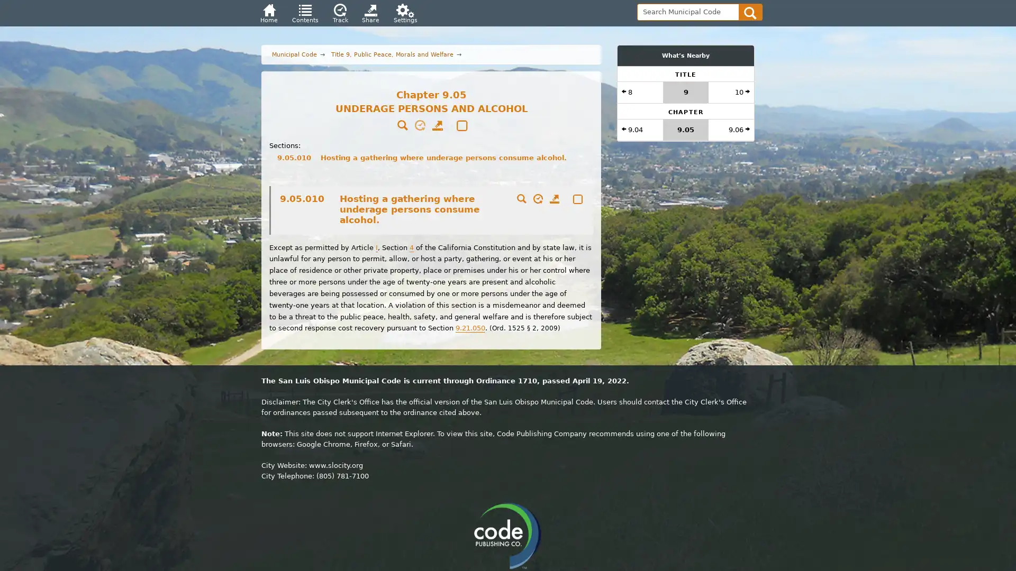 The height and width of the screenshot is (571, 1016). I want to click on History of This Section, so click(536, 200).